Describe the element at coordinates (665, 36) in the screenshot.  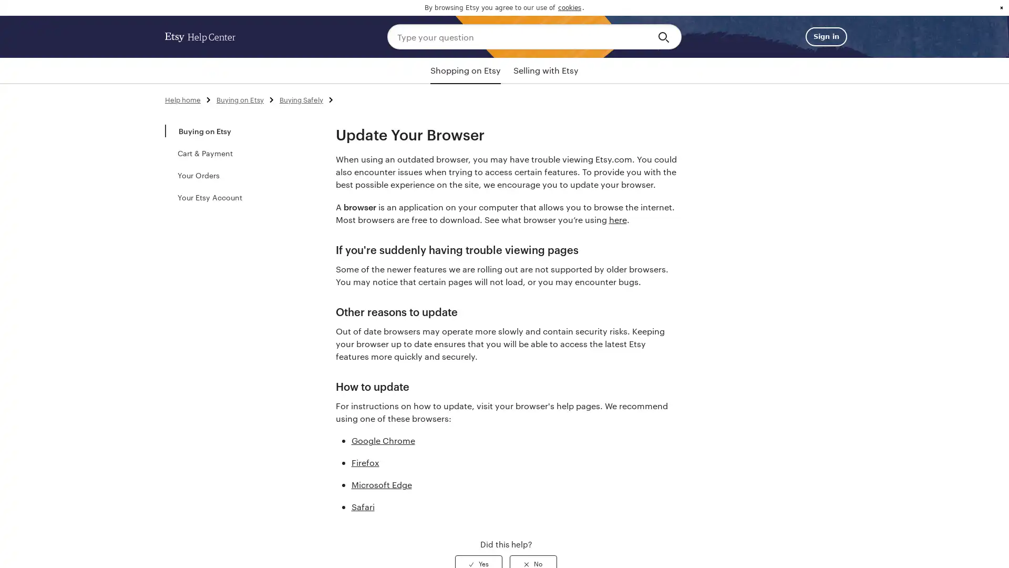
I see `Search` at that location.